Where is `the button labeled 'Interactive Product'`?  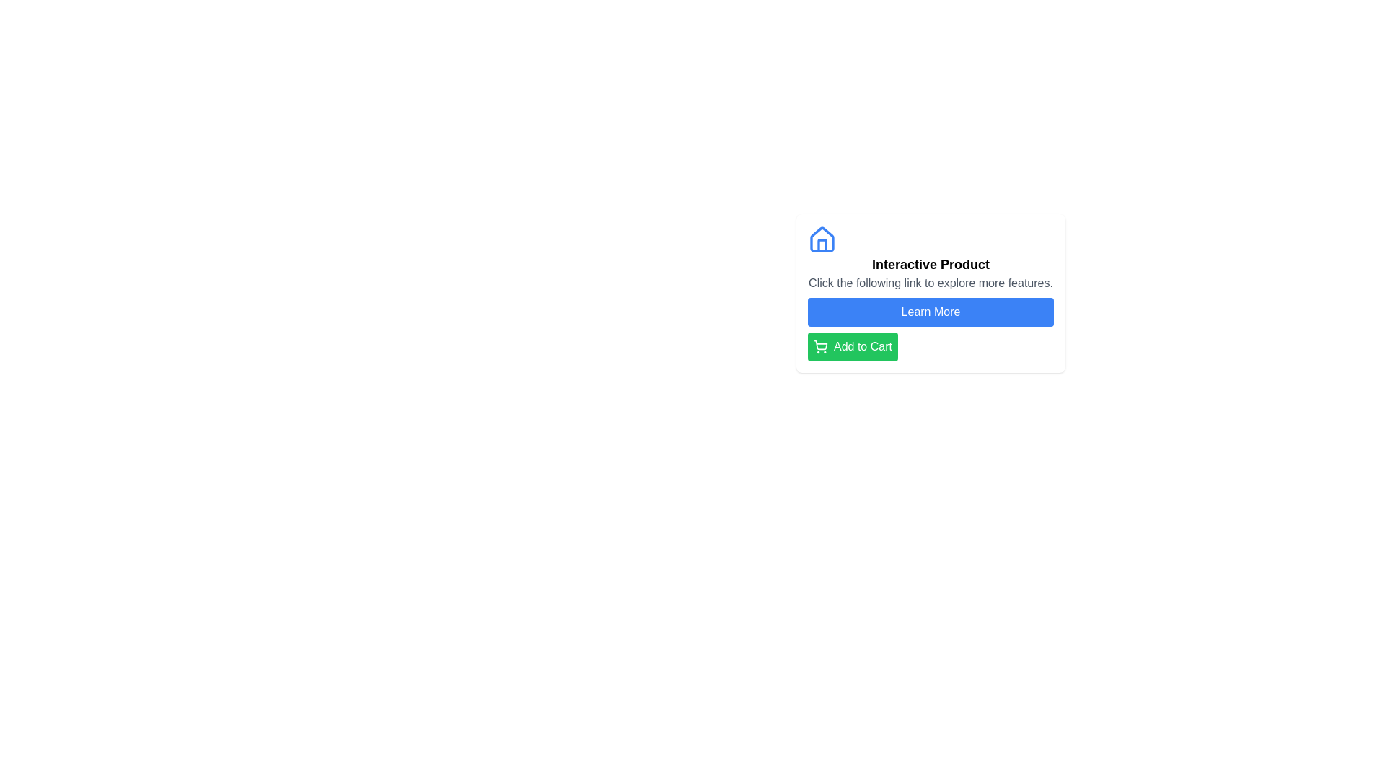 the button labeled 'Interactive Product' is located at coordinates (931, 311).